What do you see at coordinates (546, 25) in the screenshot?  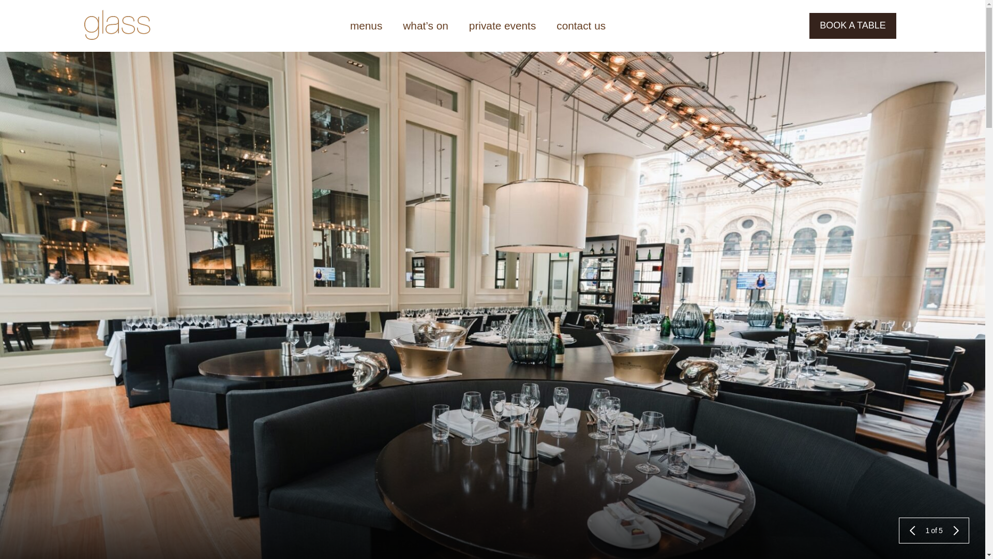 I see `'contact us'` at bounding box center [546, 25].